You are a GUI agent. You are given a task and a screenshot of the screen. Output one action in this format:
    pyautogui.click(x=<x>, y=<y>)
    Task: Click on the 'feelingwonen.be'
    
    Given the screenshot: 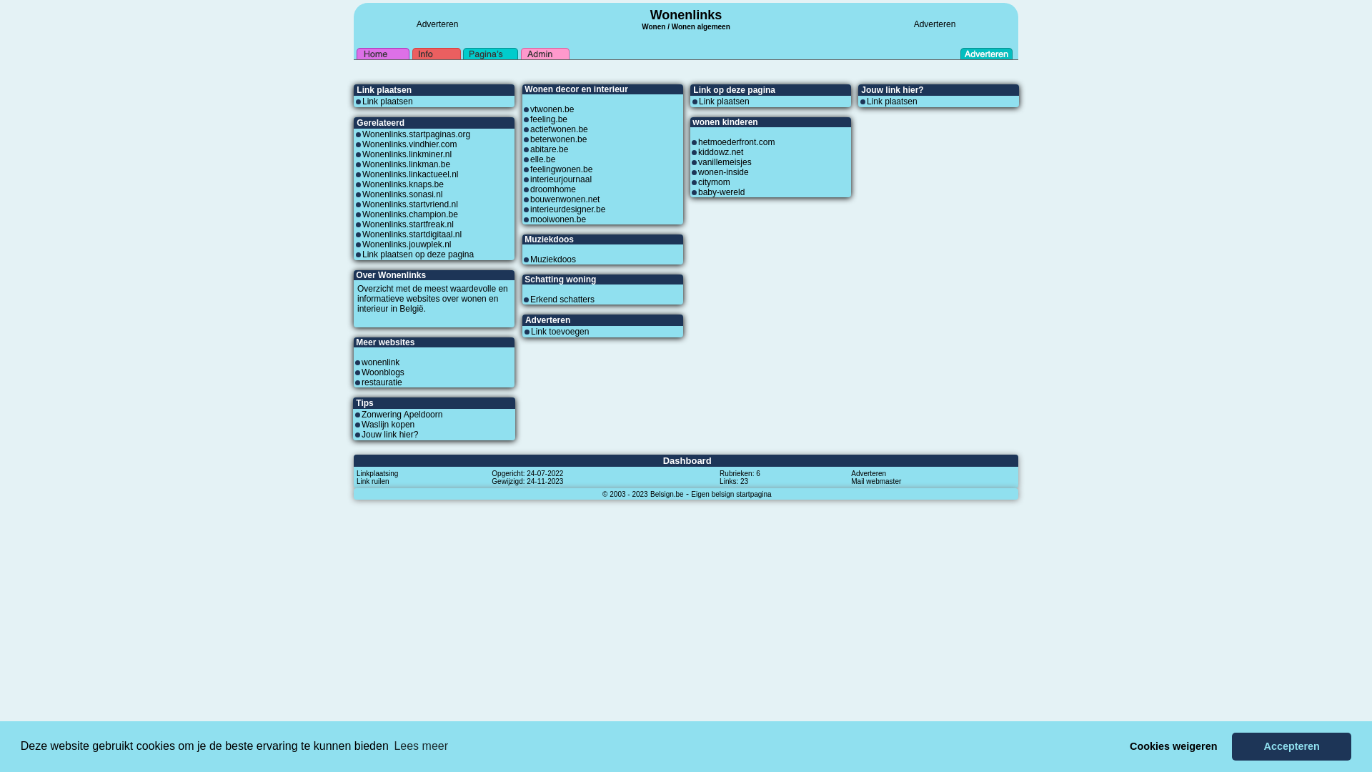 What is the action you would take?
    pyautogui.click(x=530, y=168)
    